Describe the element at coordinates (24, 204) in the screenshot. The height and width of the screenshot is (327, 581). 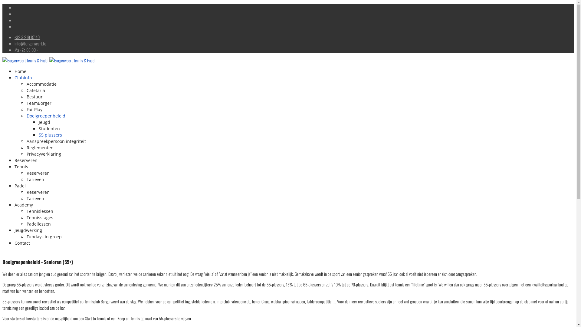
I see `'Academy'` at that location.